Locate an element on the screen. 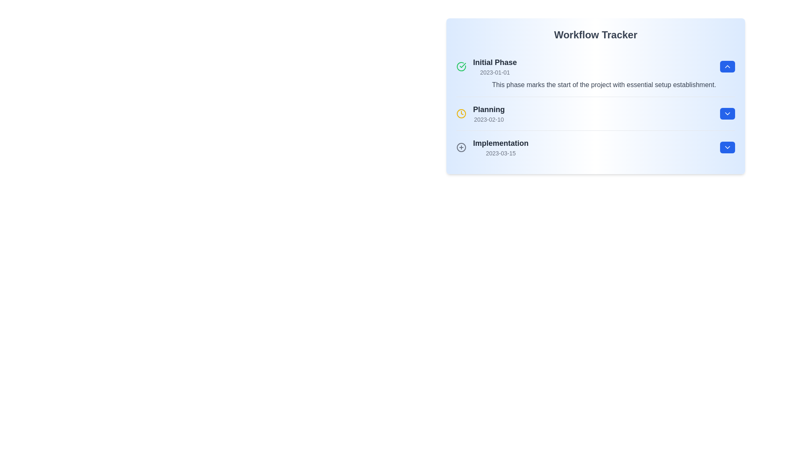 The width and height of the screenshot is (801, 450). the title 'Implementation' in the Workflow Tracker panel is located at coordinates (492, 147).